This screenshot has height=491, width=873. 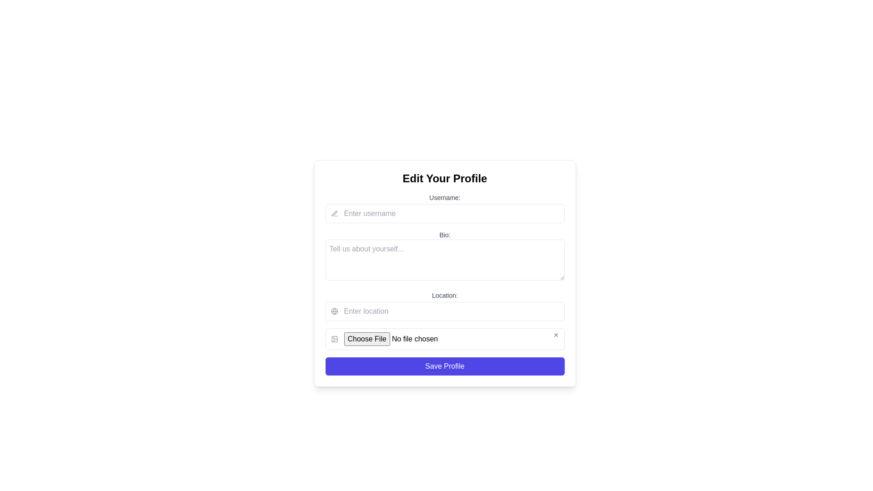 I want to click on the text label indicating the profile information editing section, which is positioned at the top of the form section above the input fields for 'Username,' 'Bio,' and 'Location.', so click(x=445, y=179).